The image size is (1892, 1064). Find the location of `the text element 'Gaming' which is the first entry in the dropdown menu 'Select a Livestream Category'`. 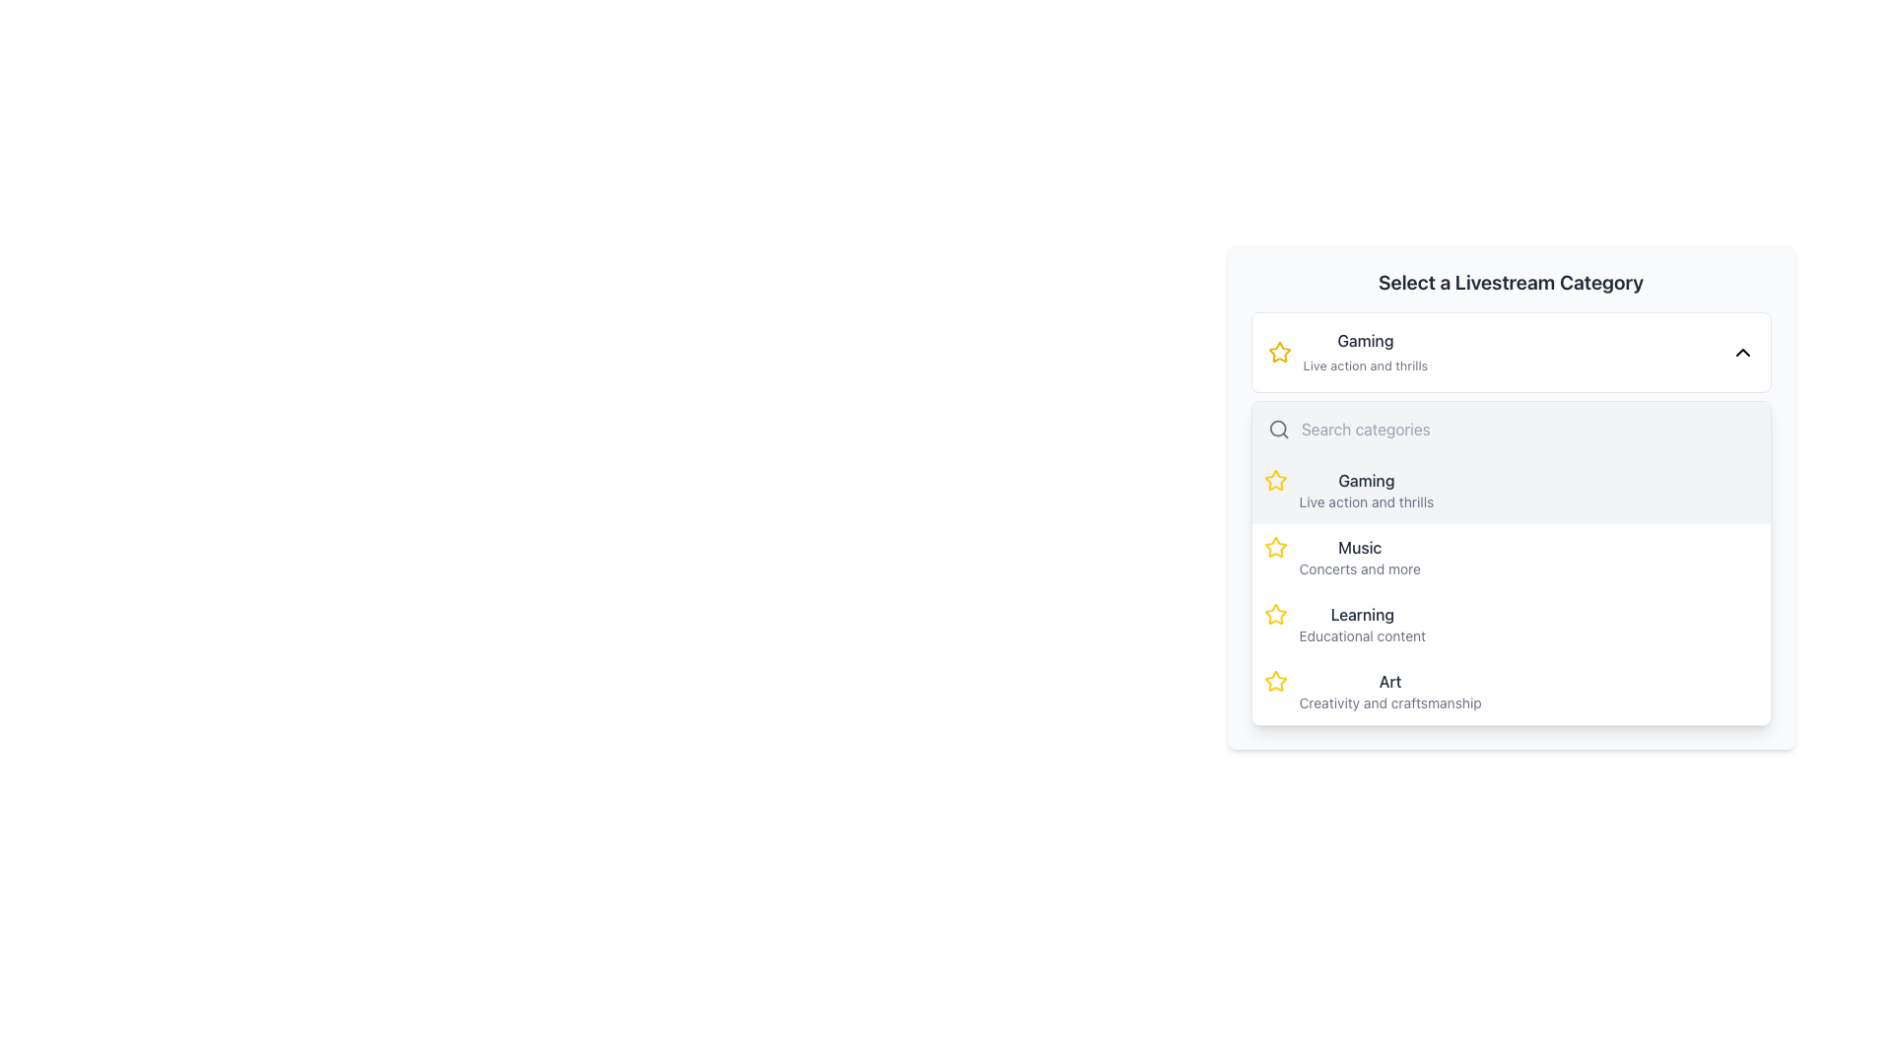

the text element 'Gaming' which is the first entry in the dropdown menu 'Select a Livestream Category' is located at coordinates (1364, 352).